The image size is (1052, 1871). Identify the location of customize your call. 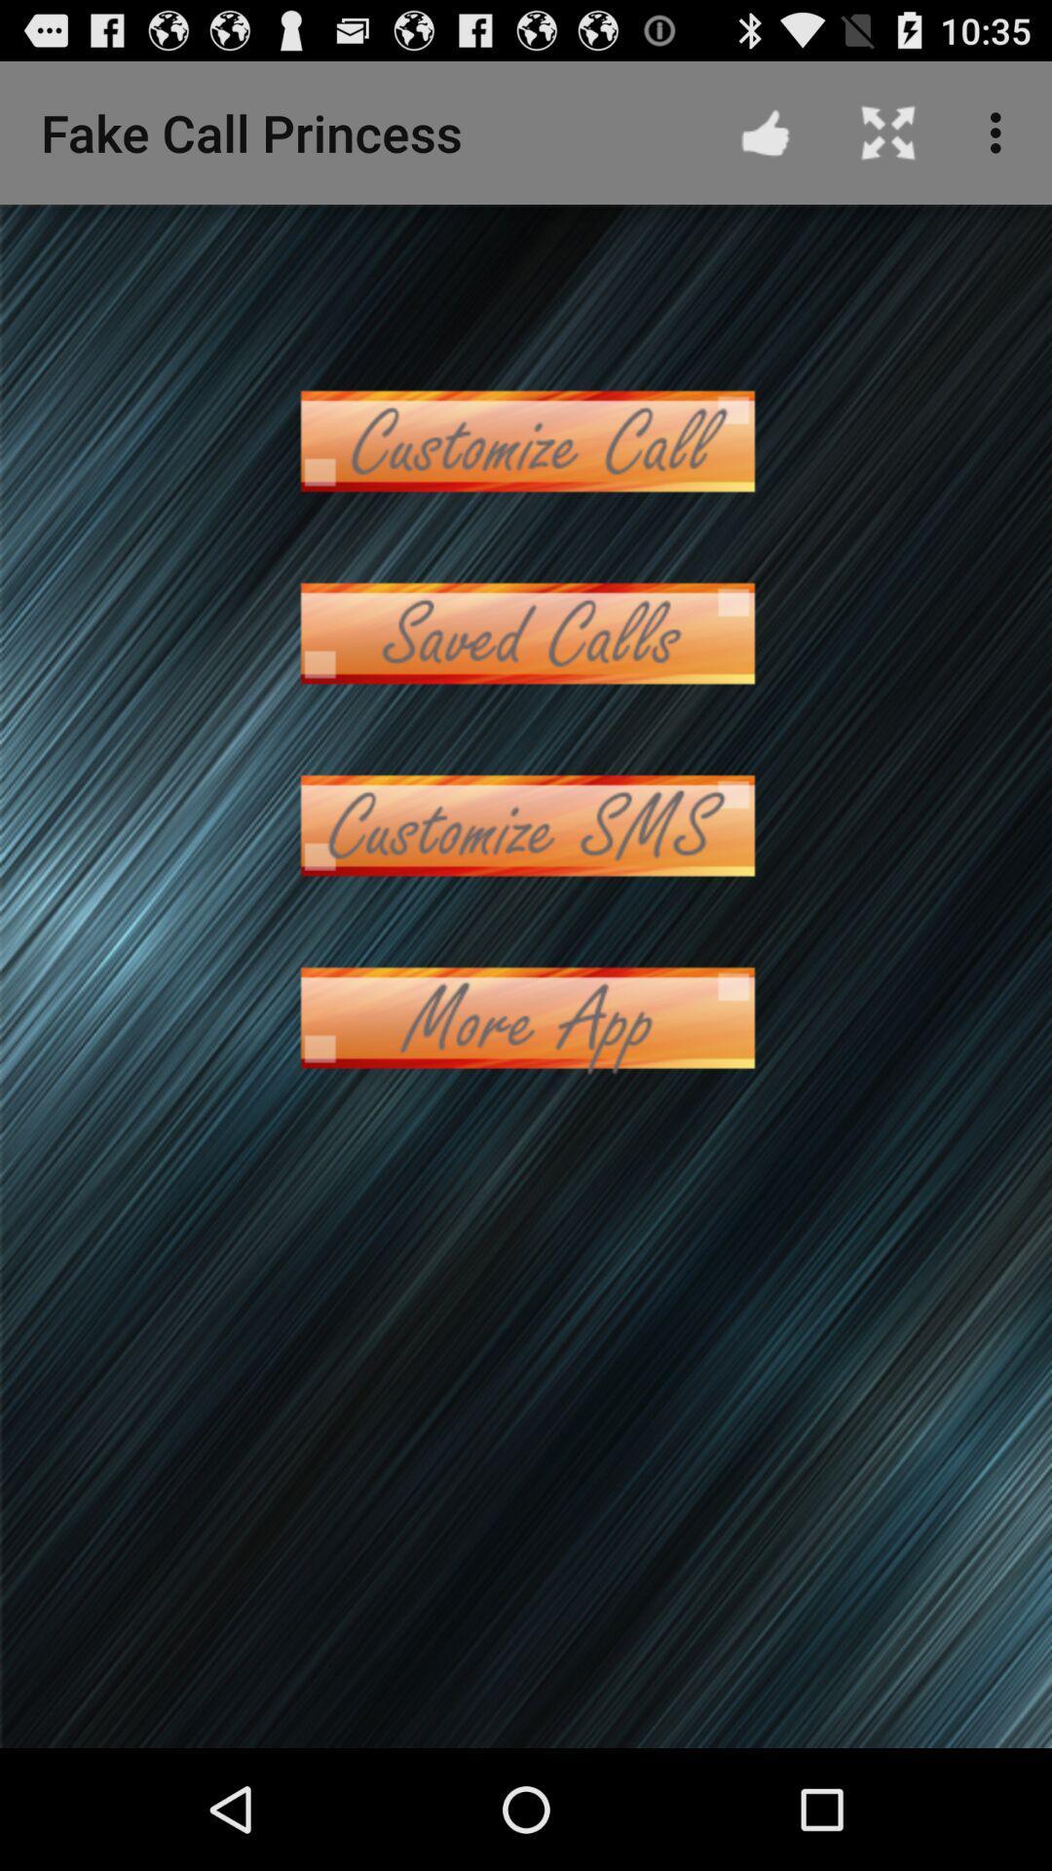
(526, 439).